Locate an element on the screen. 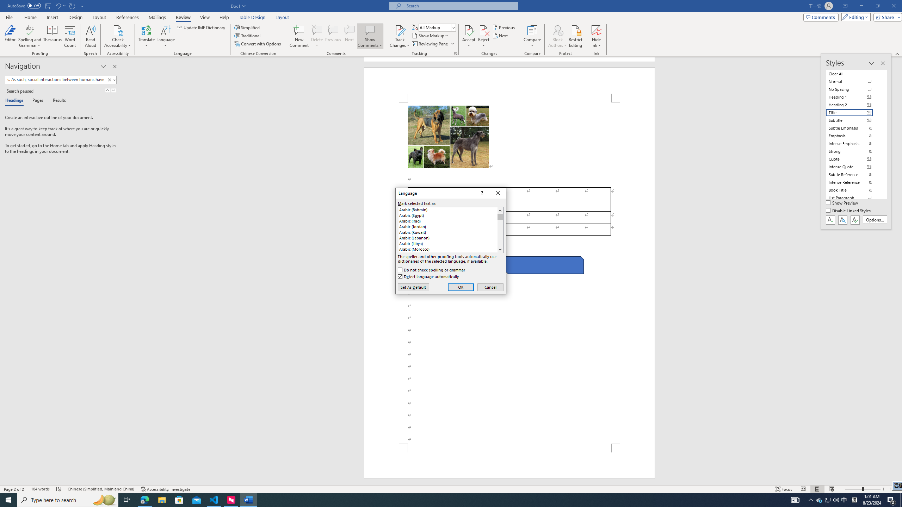 The width and height of the screenshot is (902, 507). 'Heading 2' is located at coordinates (853, 105).